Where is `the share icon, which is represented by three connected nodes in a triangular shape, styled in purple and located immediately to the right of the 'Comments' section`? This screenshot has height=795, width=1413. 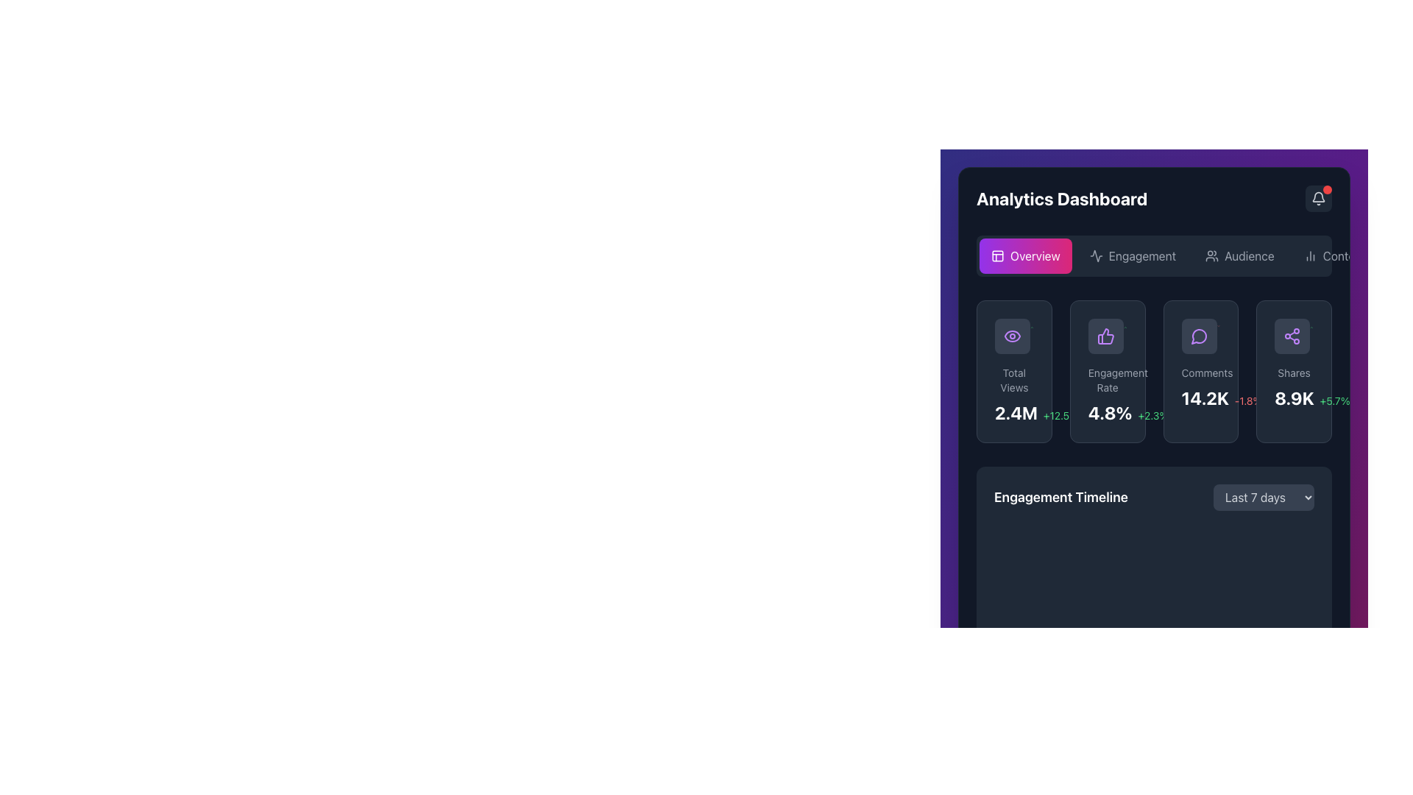
the share icon, which is represented by three connected nodes in a triangular shape, styled in purple and located immediately to the right of the 'Comments' section is located at coordinates (1292, 336).